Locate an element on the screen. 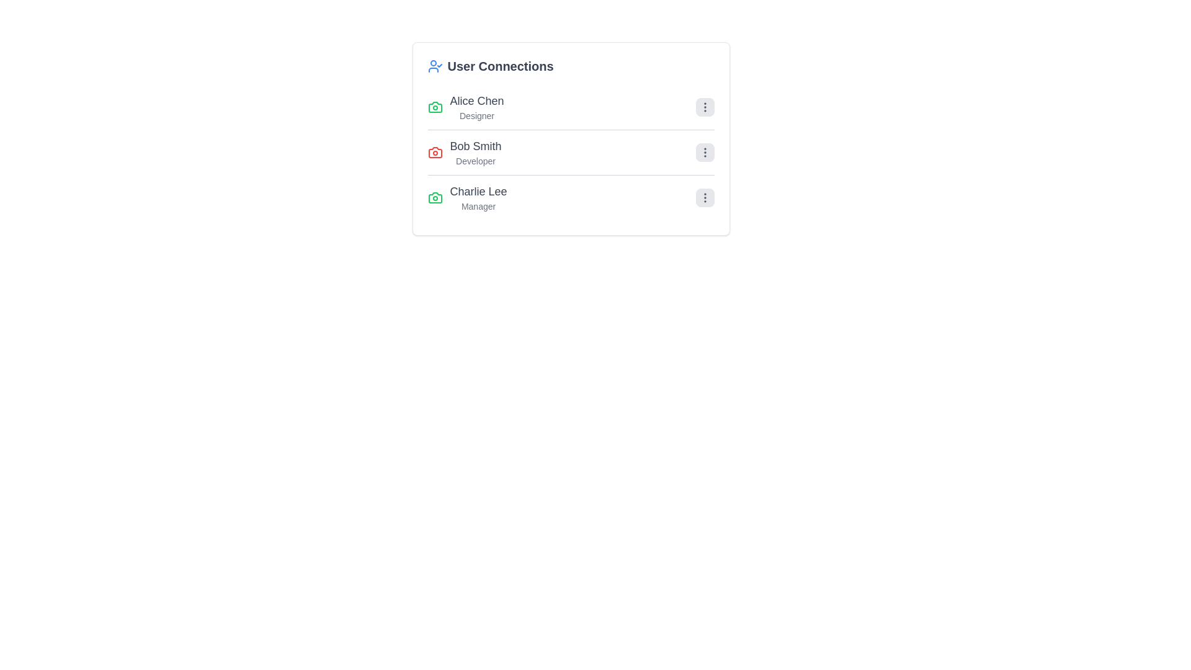  the user connection entry displaying 'Bob Smith' with a red camera icon and additional text 'Developer' is located at coordinates (463, 152).